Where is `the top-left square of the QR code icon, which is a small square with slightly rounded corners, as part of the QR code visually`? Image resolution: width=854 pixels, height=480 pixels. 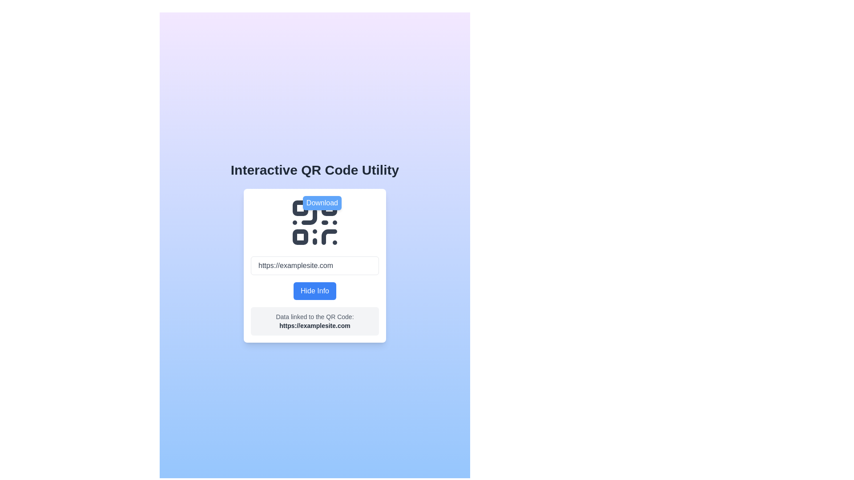 the top-left square of the QR code icon, which is a small square with slightly rounded corners, as part of the QR code visually is located at coordinates (300, 208).